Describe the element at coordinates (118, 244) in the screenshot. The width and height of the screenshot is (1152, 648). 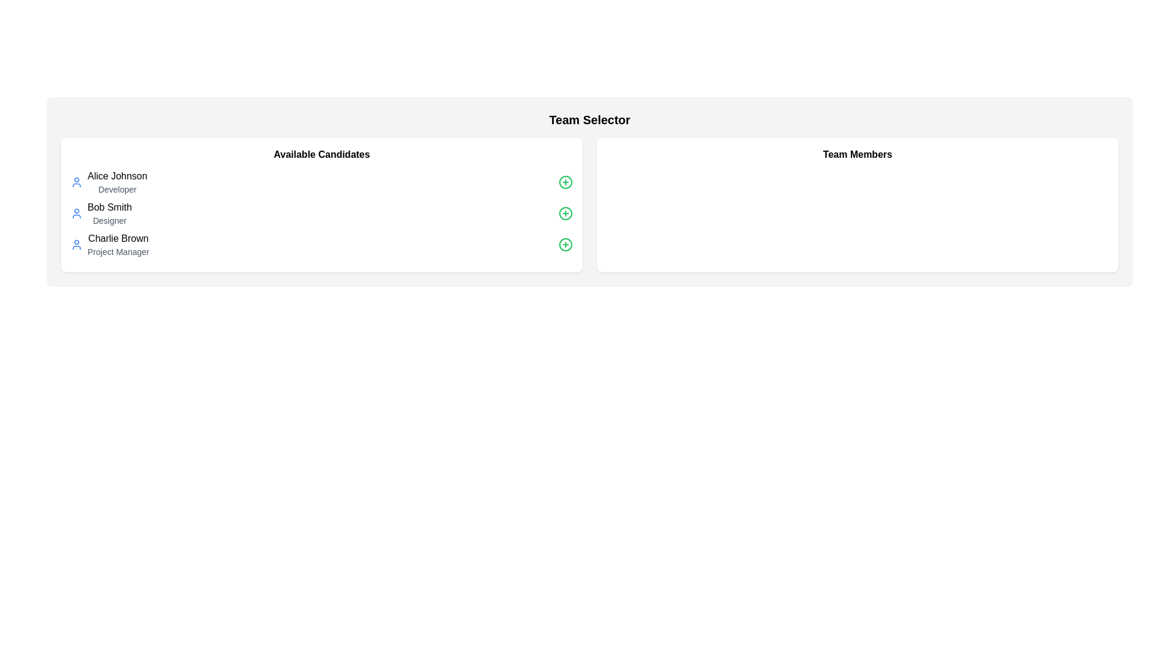
I see `the text label displaying the role description of the candidate in the 'Available Candidates' list, specifically the third item which provides information about an individual` at that location.